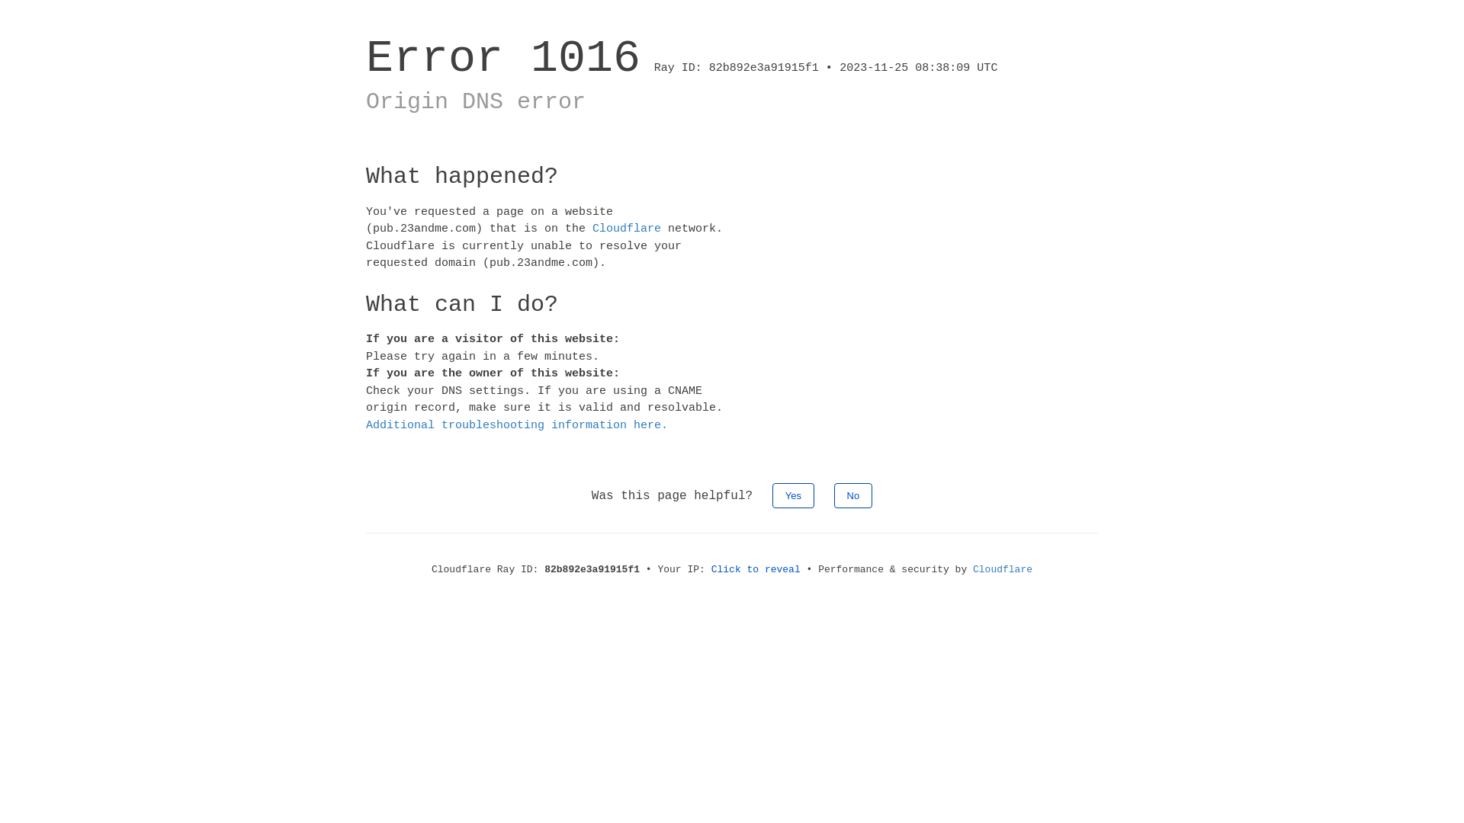 The width and height of the screenshot is (1464, 823). What do you see at coordinates (793, 495) in the screenshot?
I see `'Yes'` at bounding box center [793, 495].